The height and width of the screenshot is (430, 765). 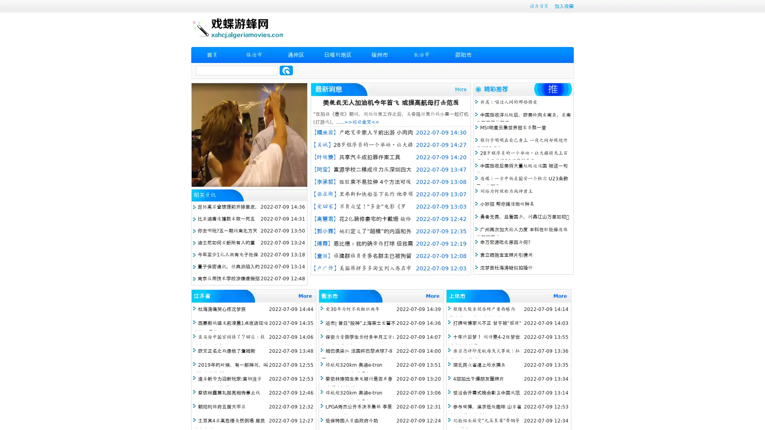 What do you see at coordinates (286, 70) in the screenshot?
I see `Search` at bounding box center [286, 70].